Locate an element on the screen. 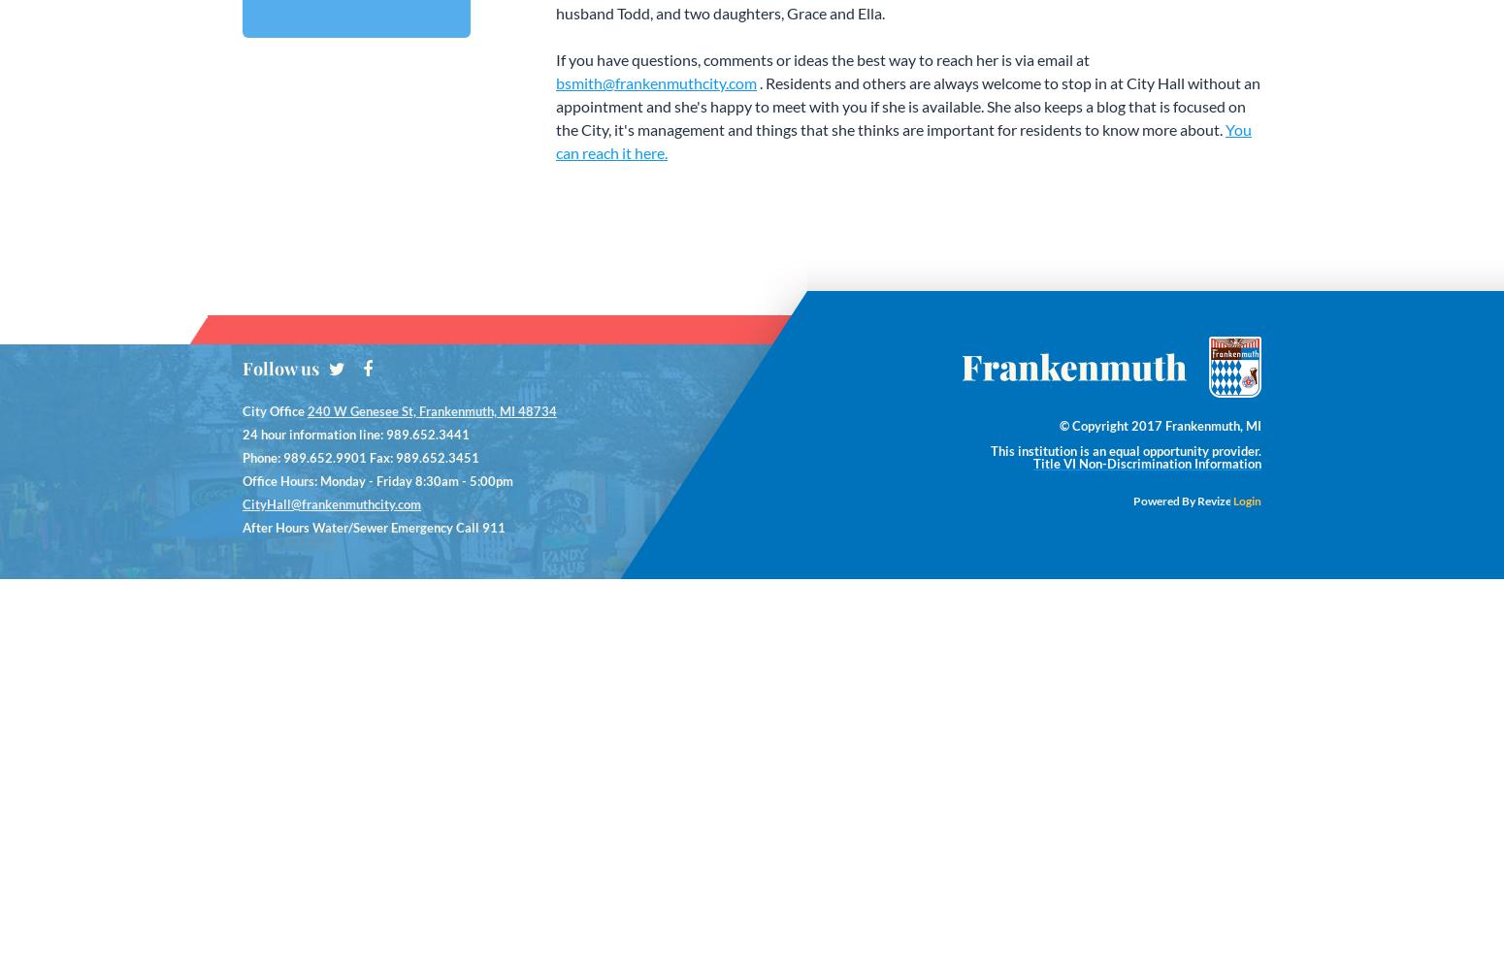 The width and height of the screenshot is (1504, 970). 'Powered By' is located at coordinates (1164, 500).